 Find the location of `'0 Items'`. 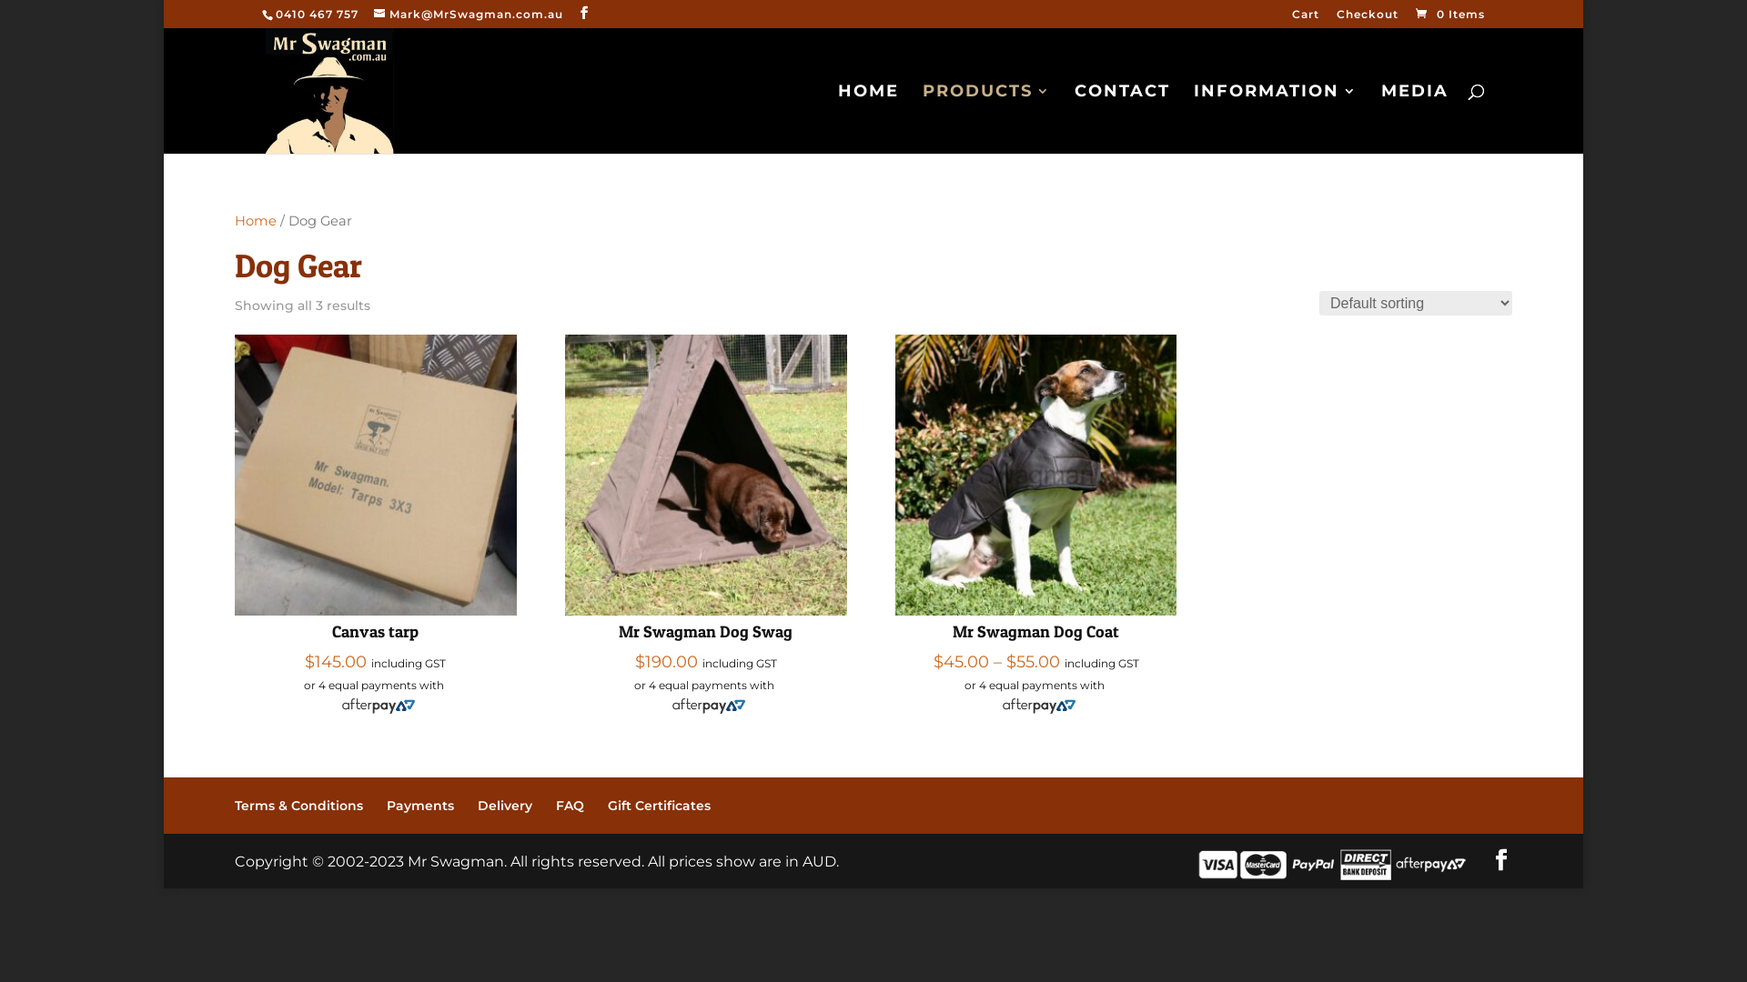

'0 Items' is located at coordinates (1448, 14).